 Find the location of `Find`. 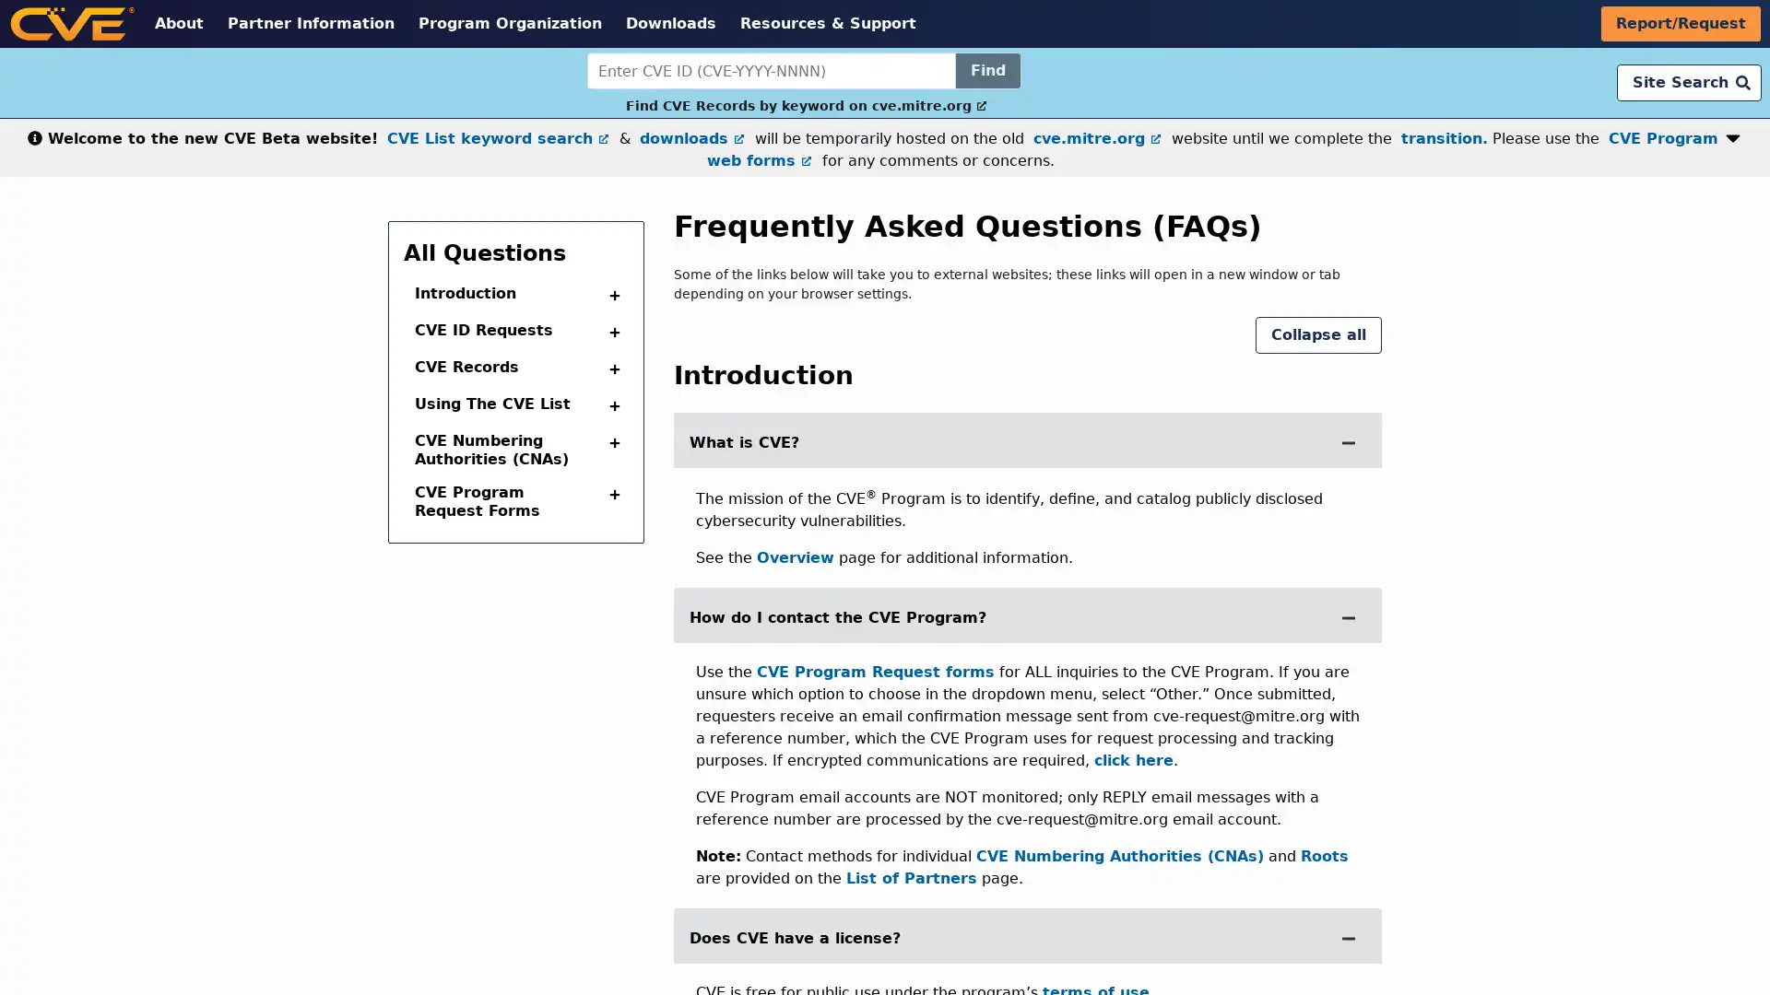

Find is located at coordinates (986, 70).